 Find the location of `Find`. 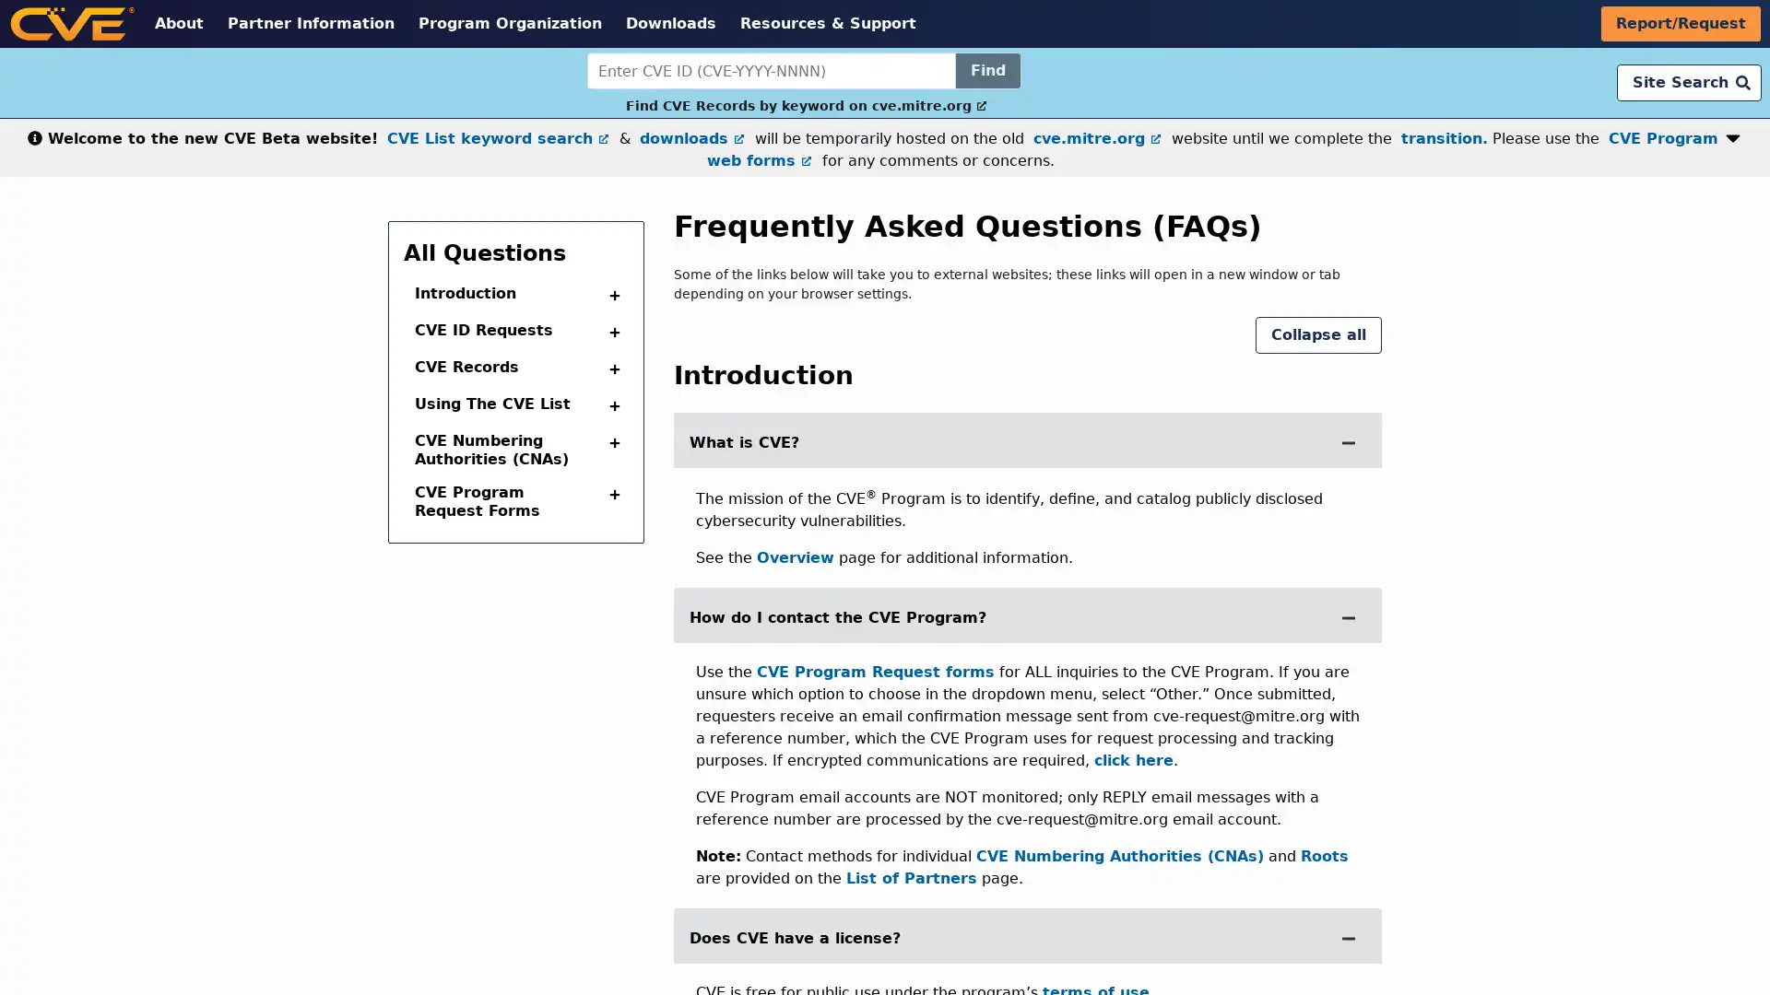

Find is located at coordinates (986, 70).